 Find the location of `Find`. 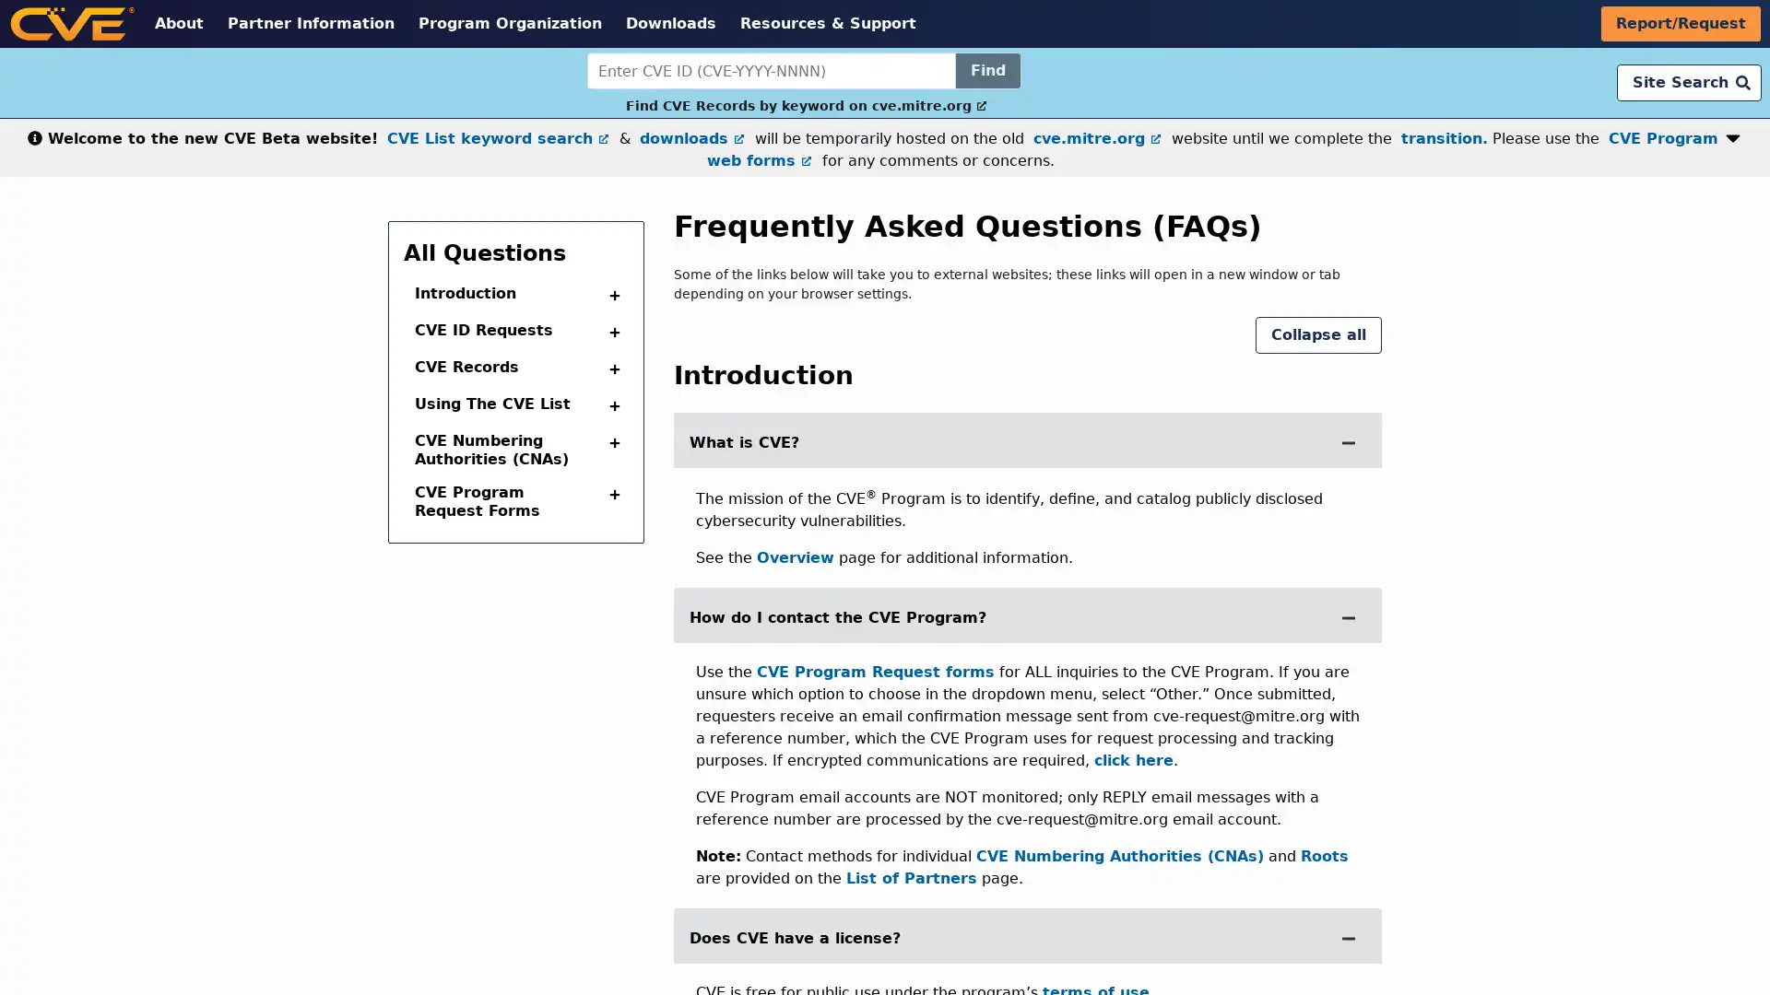

Find is located at coordinates (986, 70).